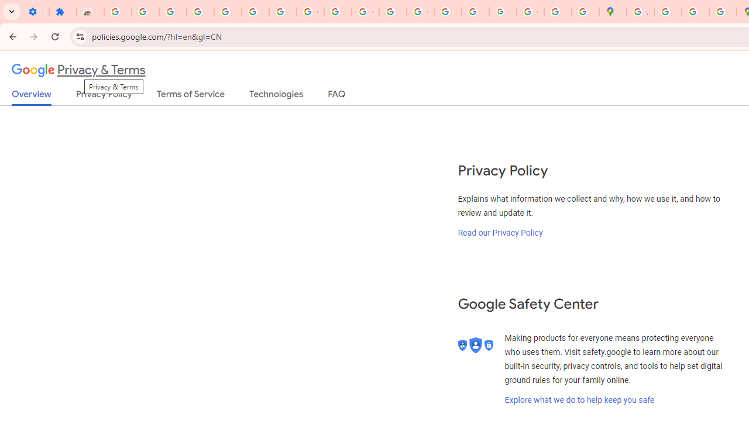 Image resolution: width=749 pixels, height=421 pixels. What do you see at coordinates (35, 12) in the screenshot?
I see `'Settings - On startup'` at bounding box center [35, 12].